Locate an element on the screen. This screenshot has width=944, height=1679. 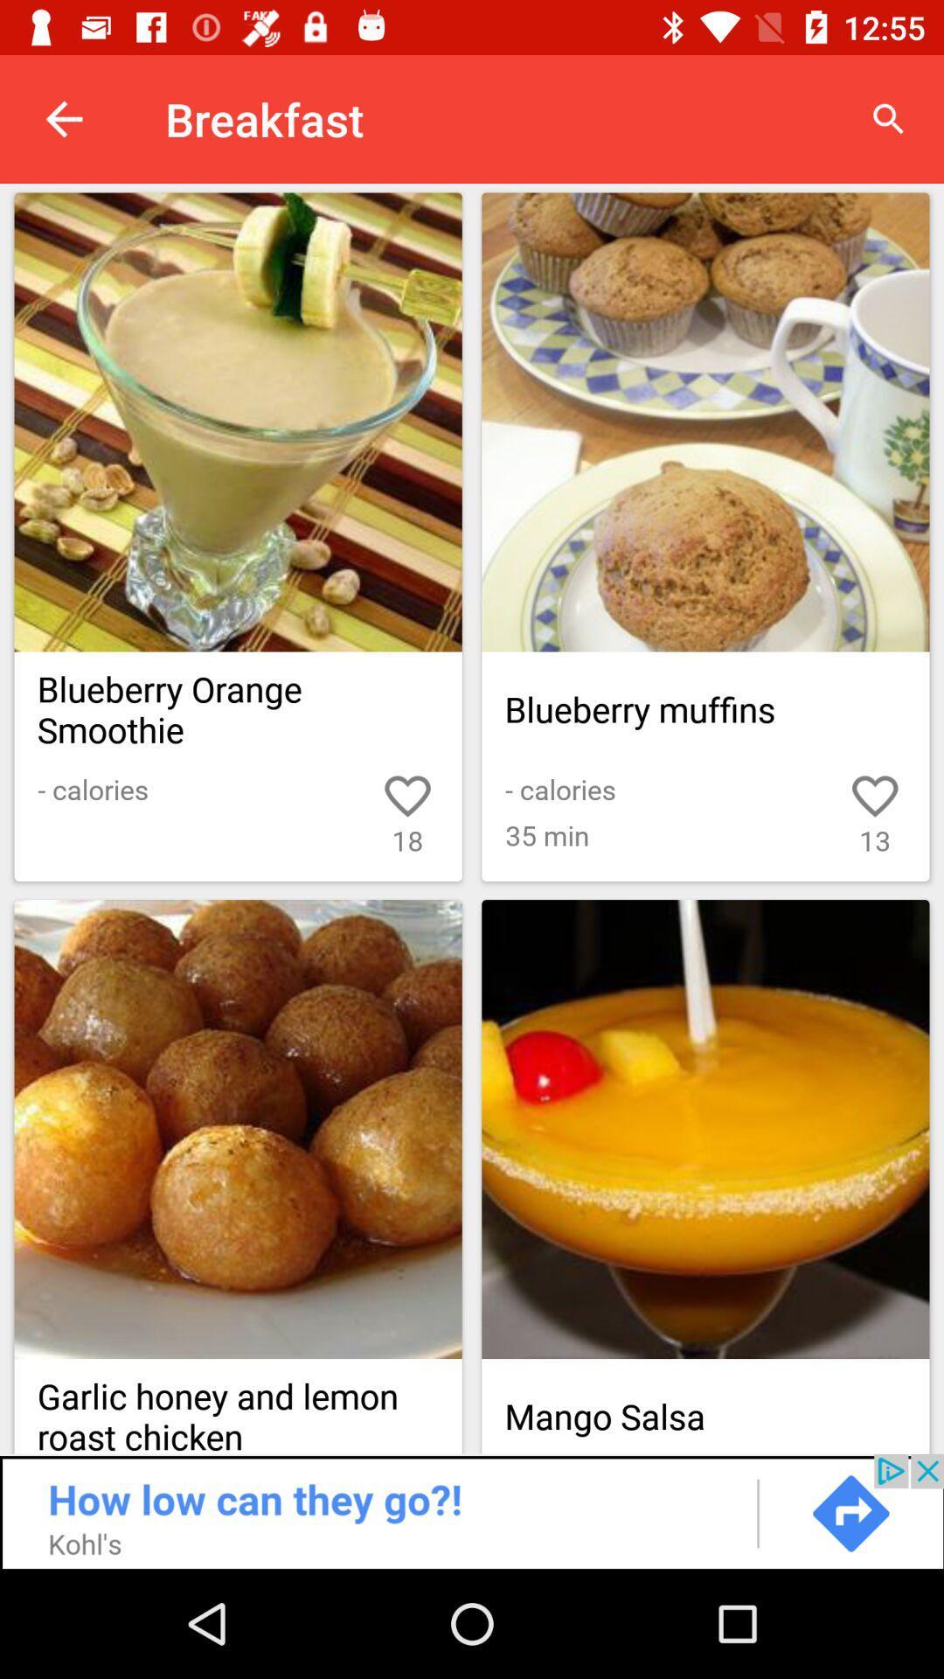
advertisement page is located at coordinates (472, 1510).